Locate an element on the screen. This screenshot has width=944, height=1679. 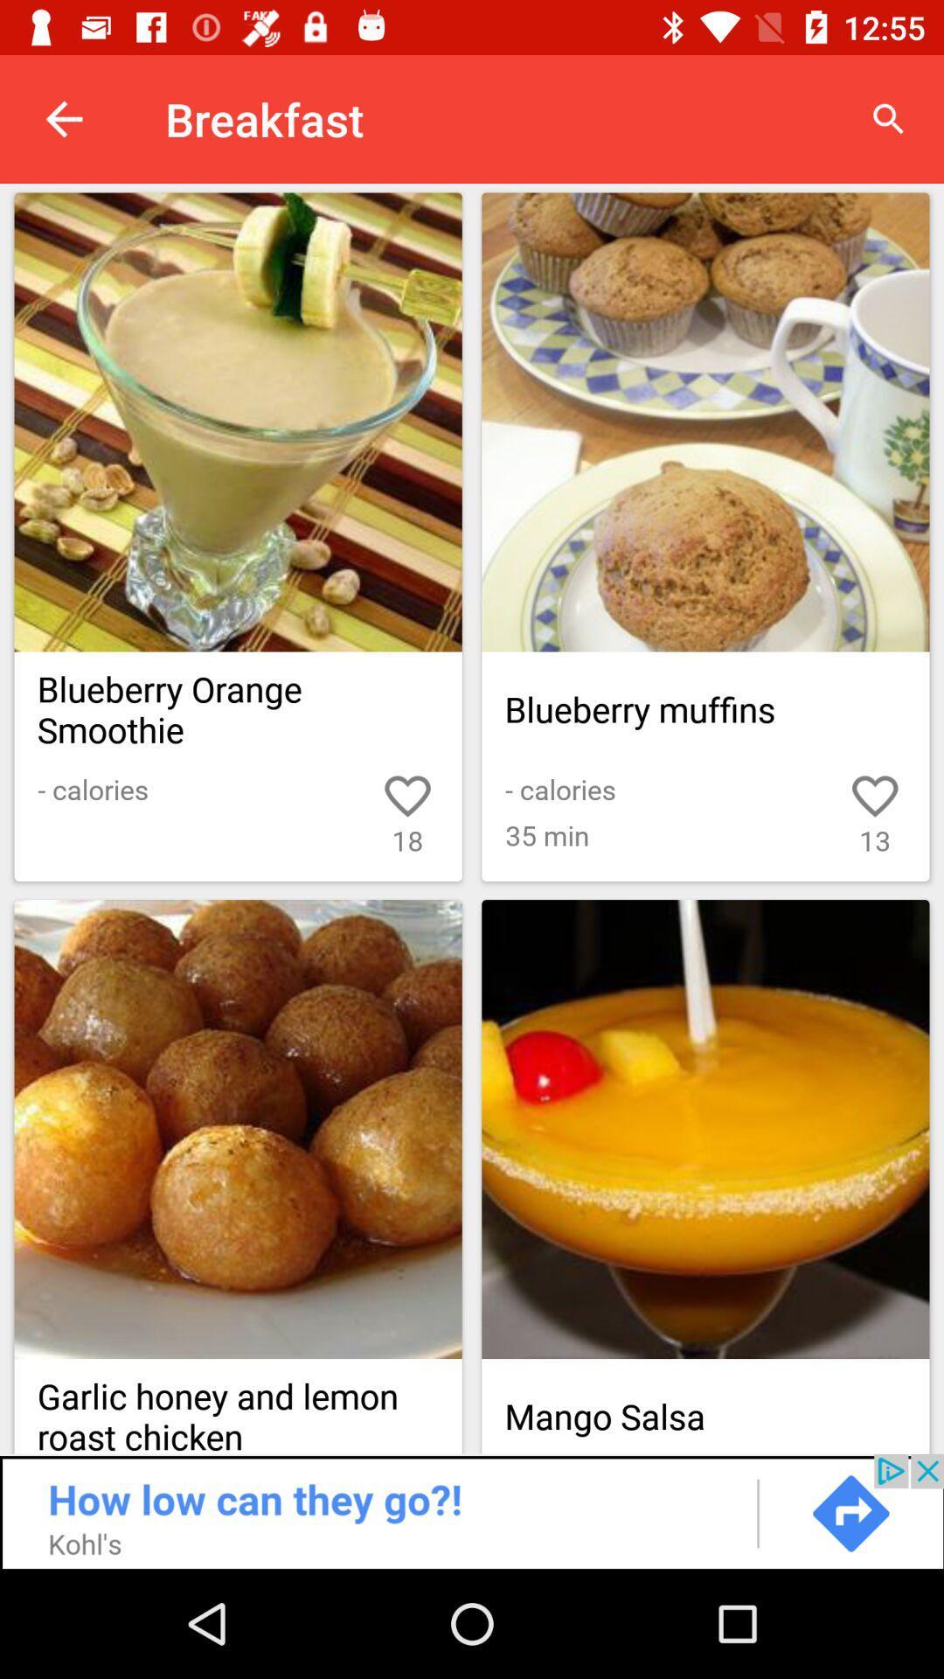
advertisement page is located at coordinates (472, 1510).